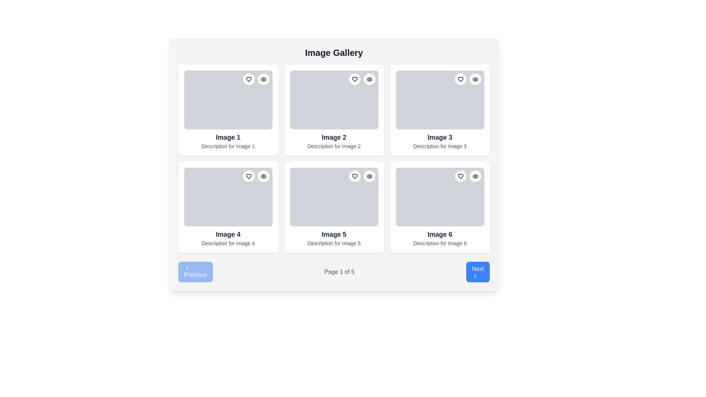 The height and width of the screenshot is (397, 706). I want to click on the eye icon in the top-right corner of the second card labeled 'Image 2' in the image gallery, so click(369, 79).